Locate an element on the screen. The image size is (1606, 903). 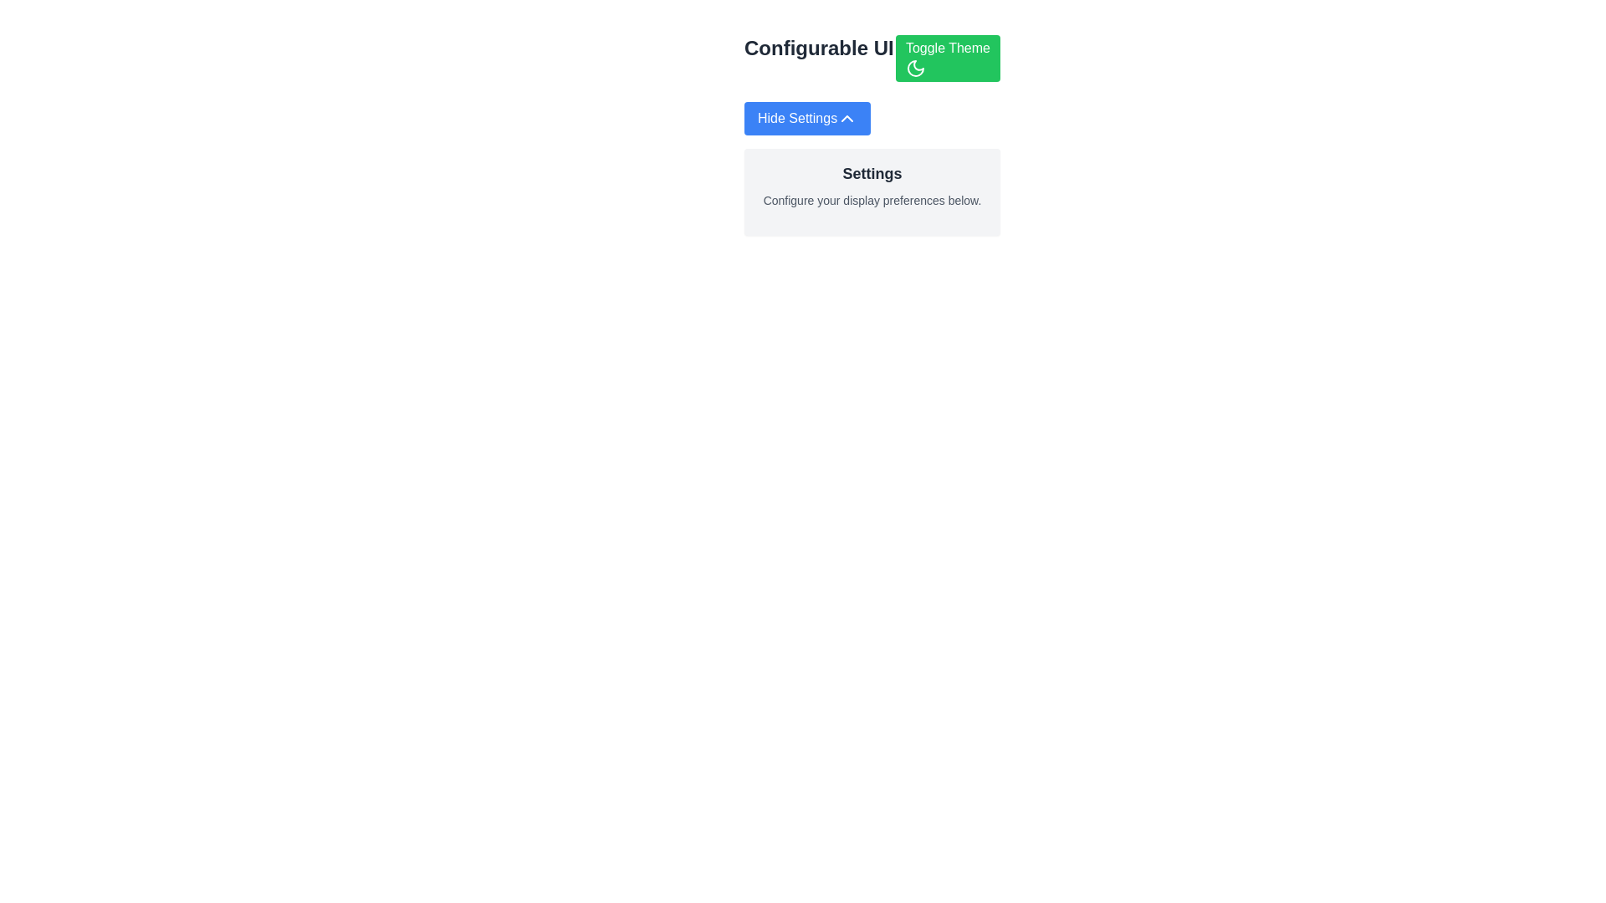
the theme toggle button located in the top-right corner of the 'Configurable UI' section is located at coordinates (948, 57).